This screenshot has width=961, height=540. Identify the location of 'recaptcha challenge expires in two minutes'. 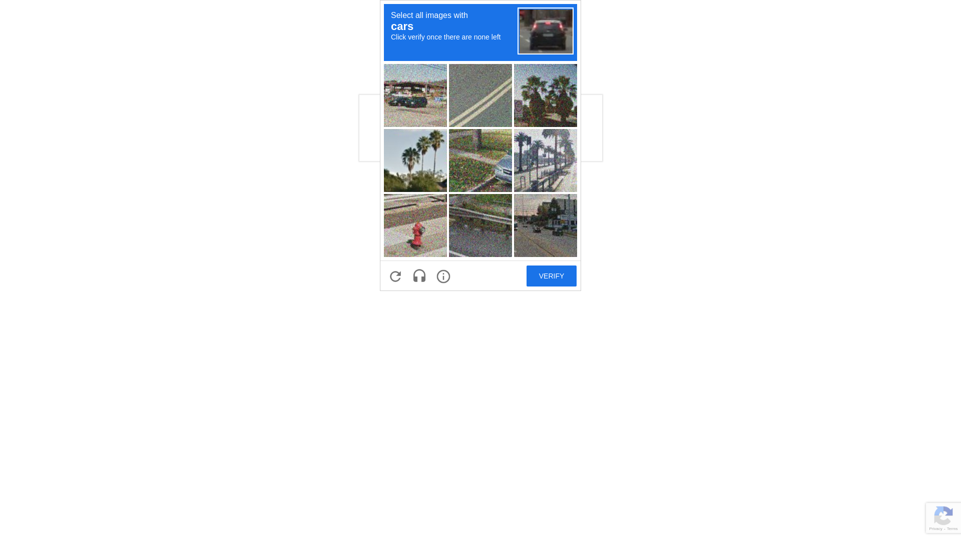
(480, 145).